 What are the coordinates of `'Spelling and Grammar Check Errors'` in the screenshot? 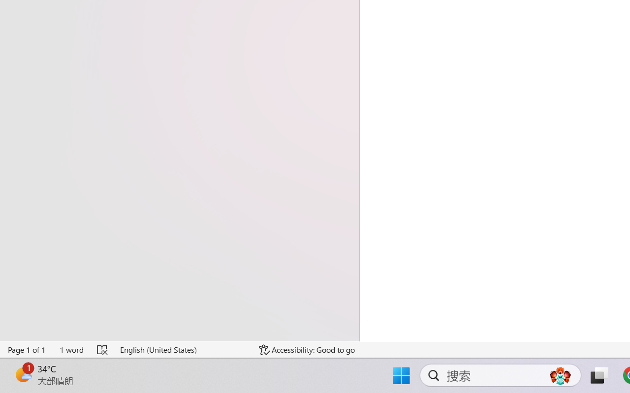 It's located at (103, 349).